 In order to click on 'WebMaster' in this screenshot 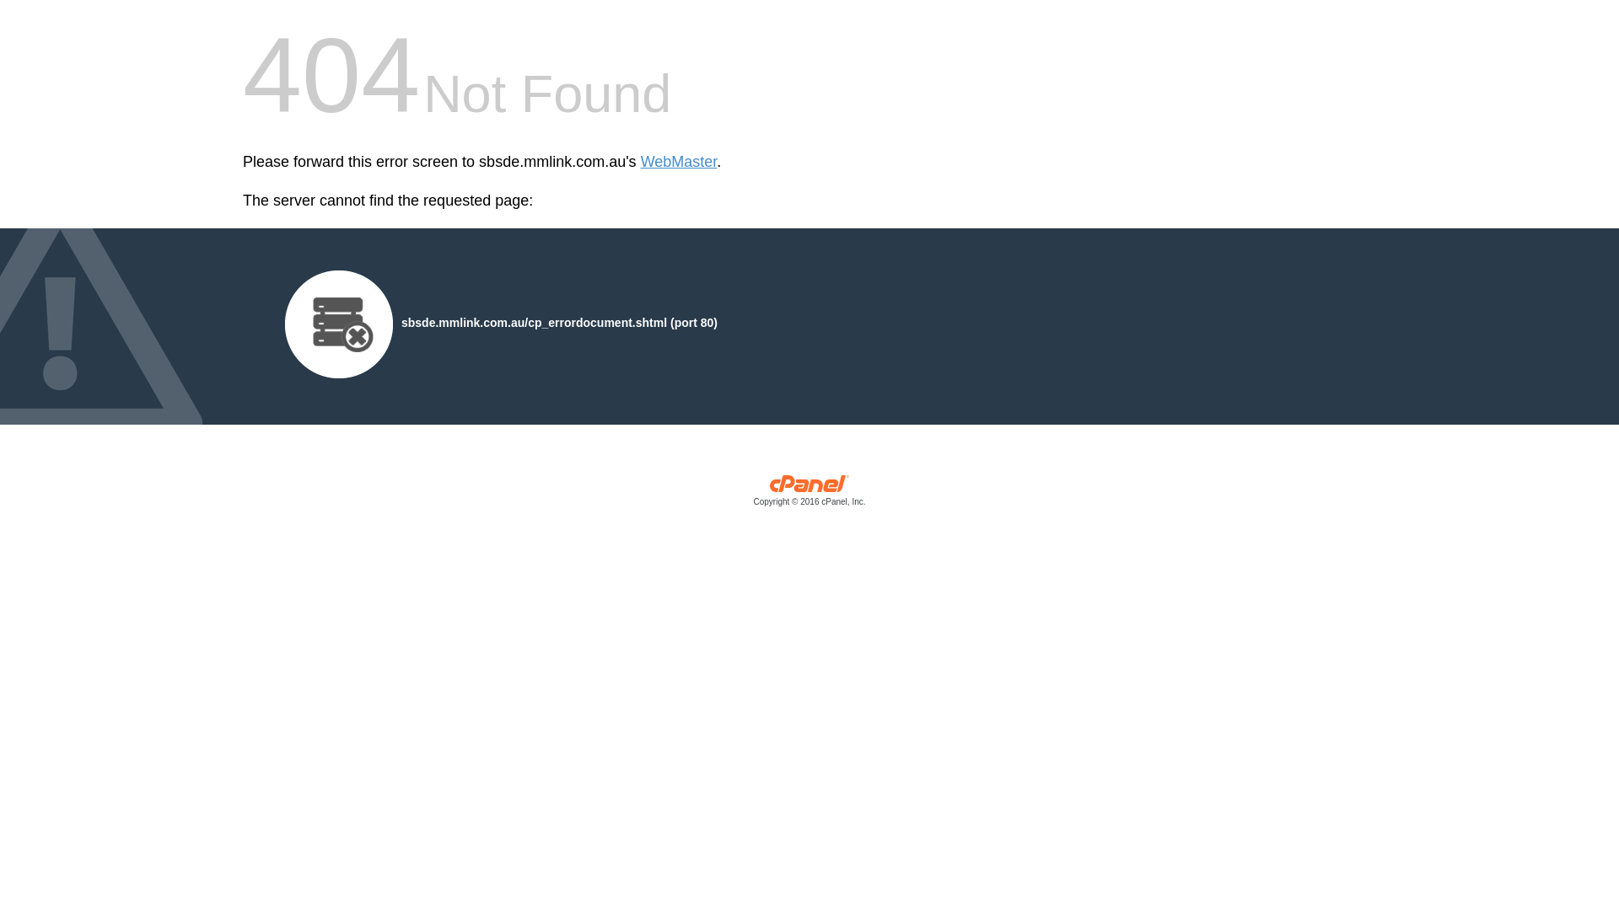, I will do `click(679, 162)`.